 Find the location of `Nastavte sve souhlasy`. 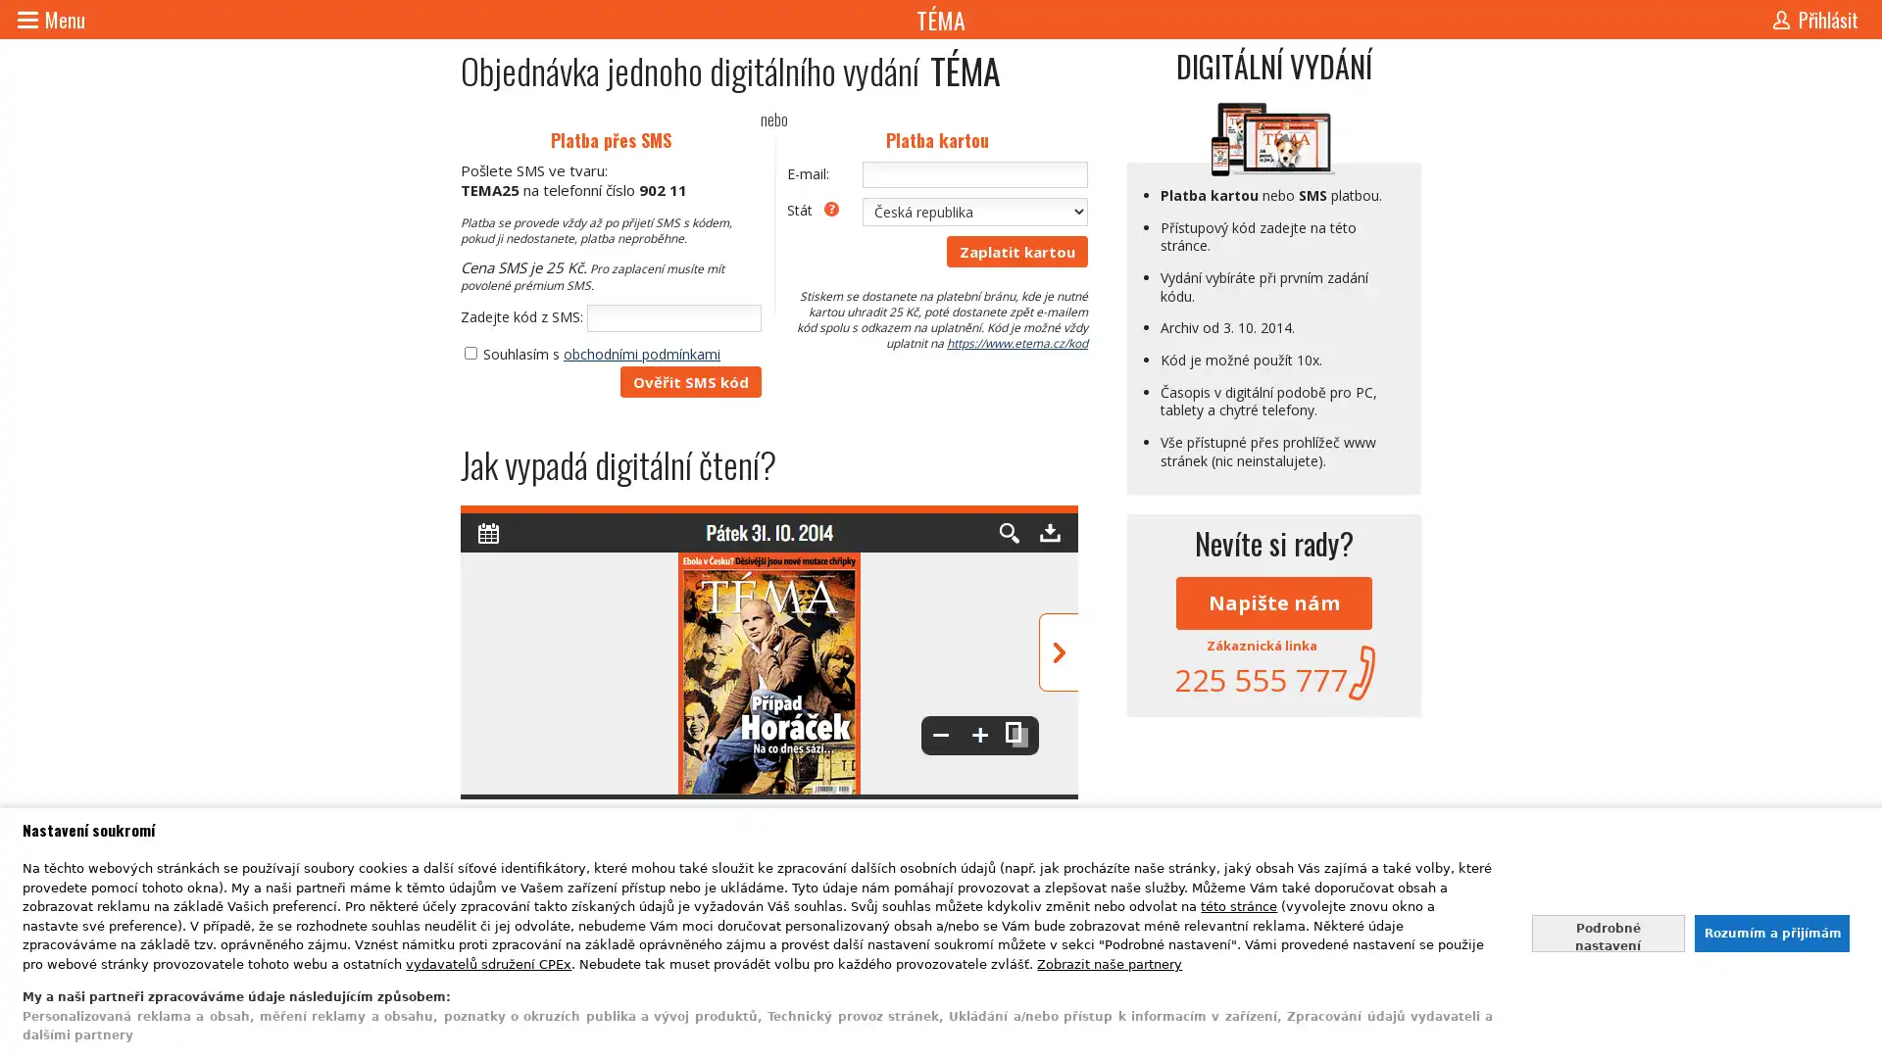

Nastavte sve souhlasy is located at coordinates (1608, 932).